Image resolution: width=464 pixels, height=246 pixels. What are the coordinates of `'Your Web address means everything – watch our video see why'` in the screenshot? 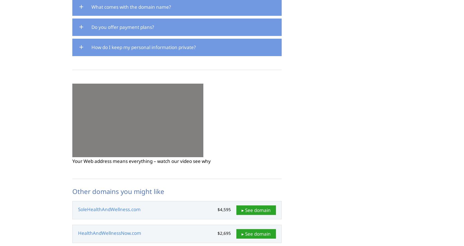 It's located at (141, 161).